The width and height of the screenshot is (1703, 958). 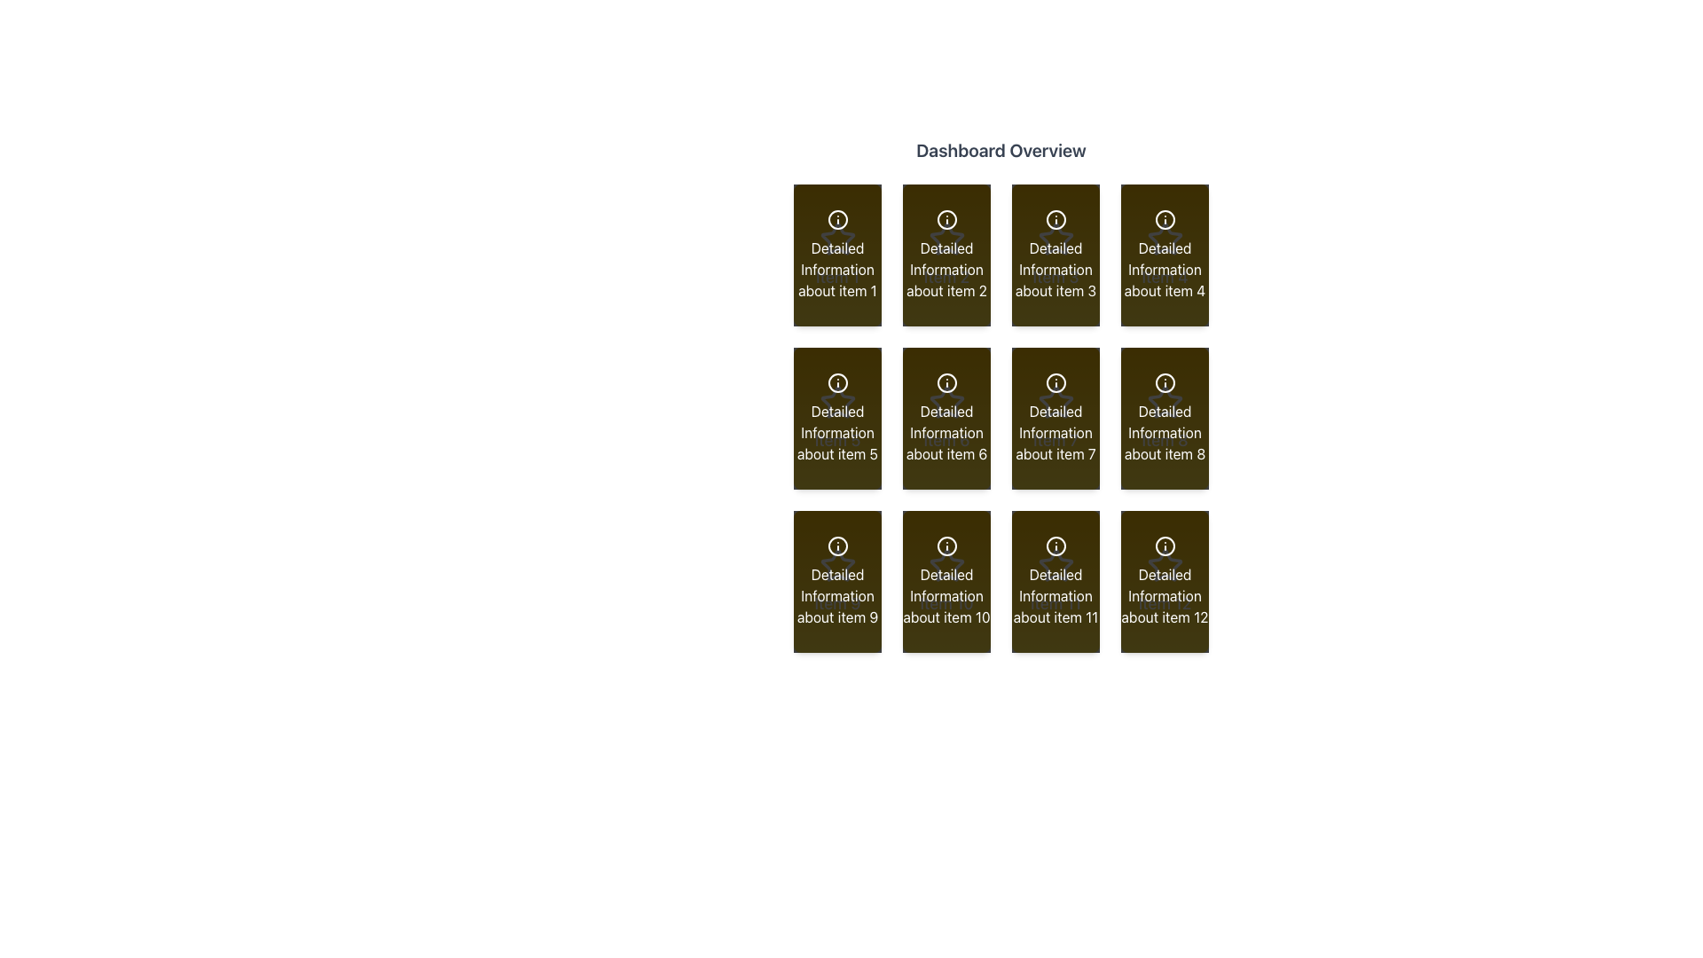 What do you see at coordinates (836, 565) in the screenshot?
I see `the decorative or functional icon located inside the ninth item of a 3x4 grid layout, positioned at the top of the card labeled 'Detailed Information about item 9'` at bounding box center [836, 565].